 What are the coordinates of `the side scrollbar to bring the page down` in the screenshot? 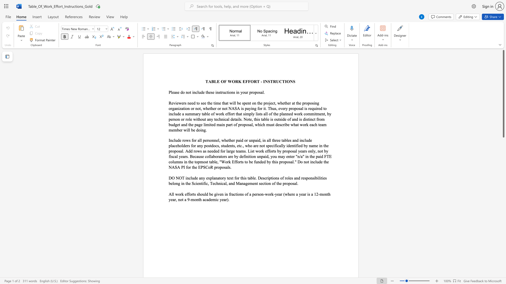 It's located at (503, 171).